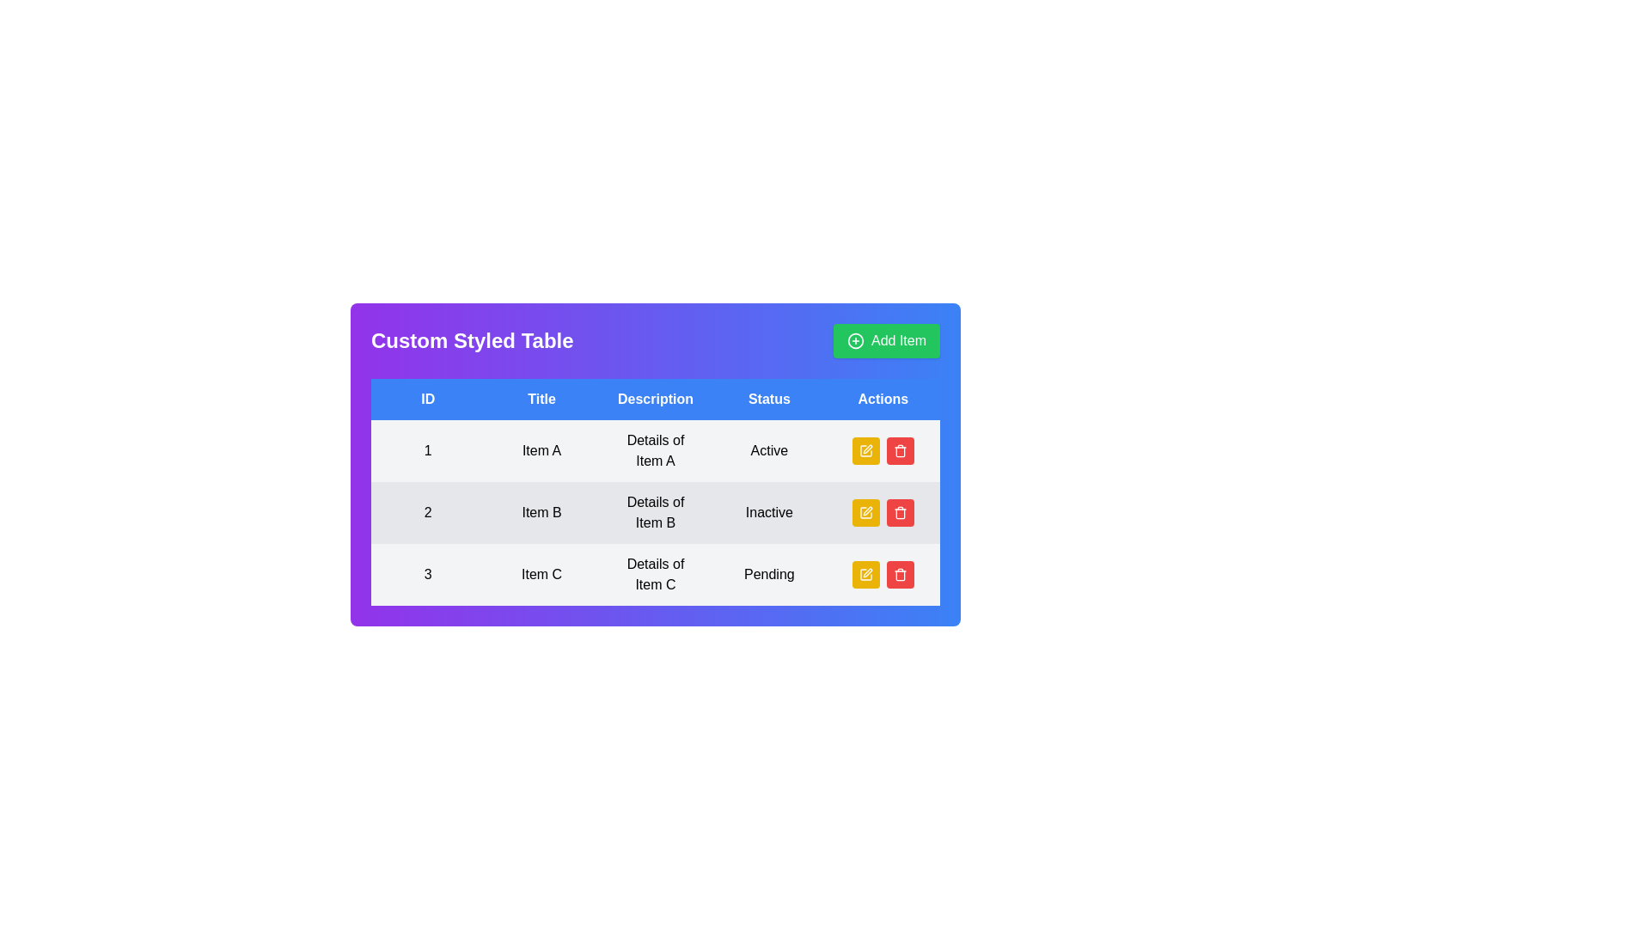  I want to click on style or attributes of the first column header cell of the table, which serves as a unique identifier for items within the table, so click(428, 400).